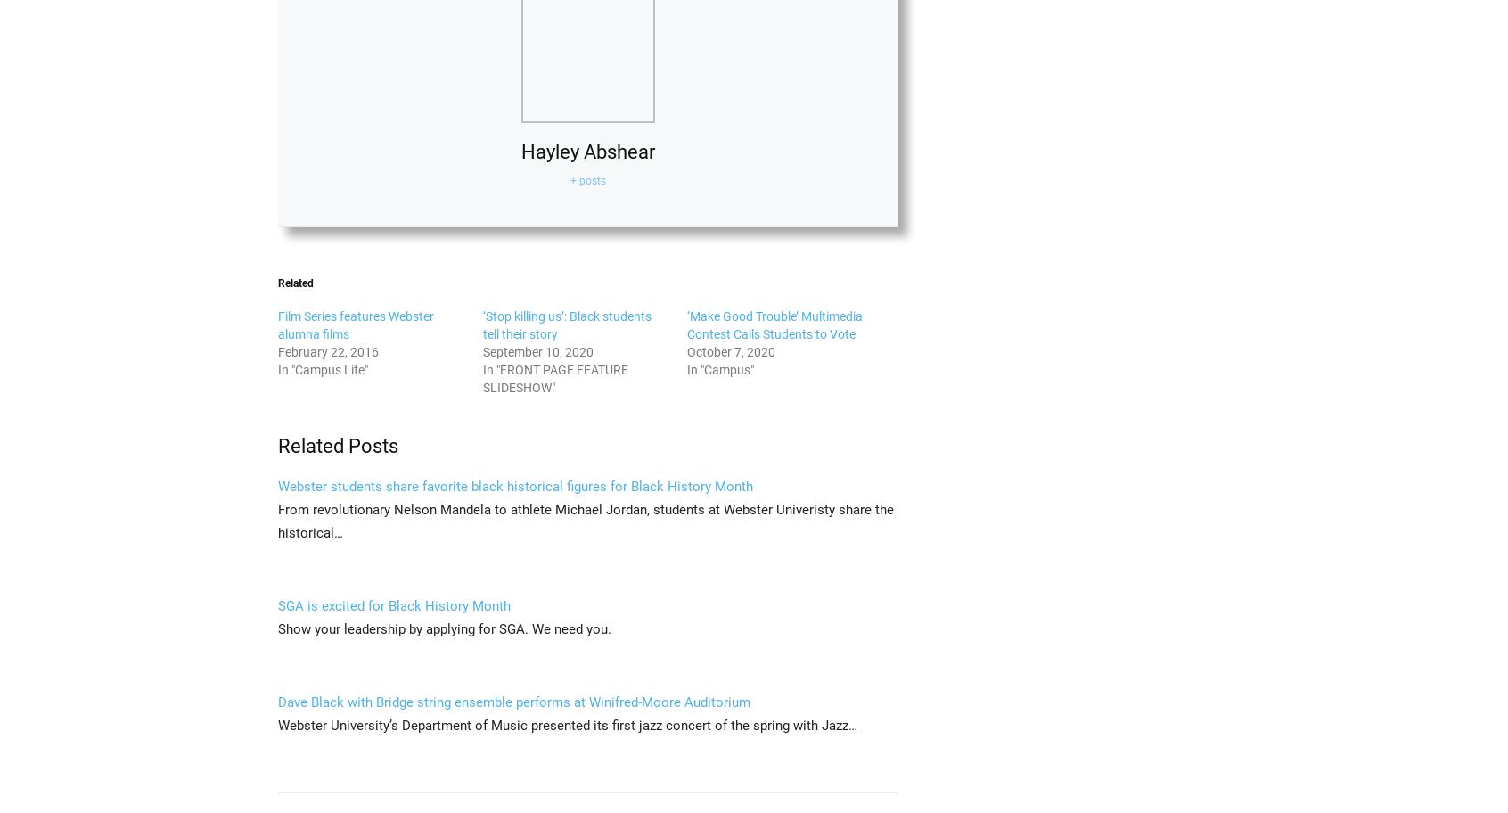 This screenshot has height=813, width=1508. Describe the element at coordinates (338, 444) in the screenshot. I see `'Related Posts'` at that location.